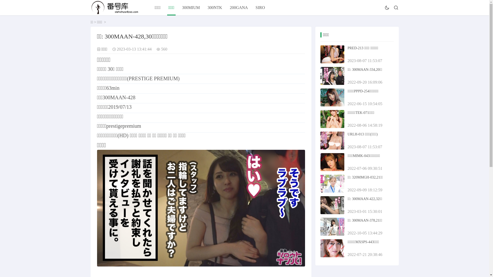 The height and width of the screenshot is (277, 493). I want to click on '300MIUM', so click(191, 7).